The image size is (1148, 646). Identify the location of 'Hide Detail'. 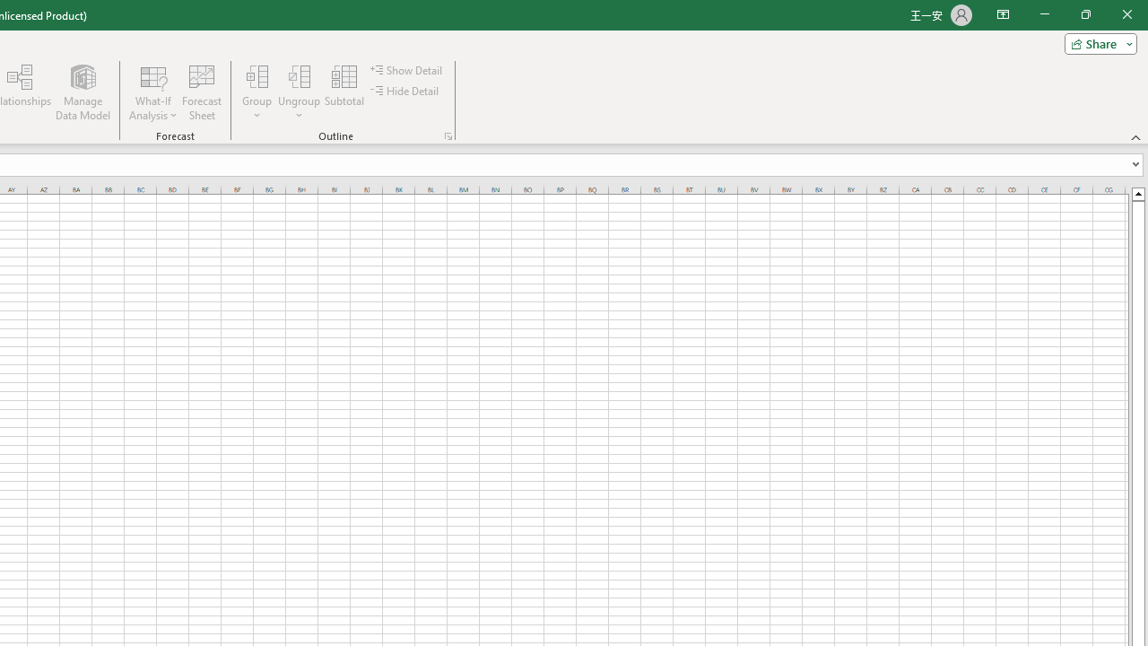
(405, 91).